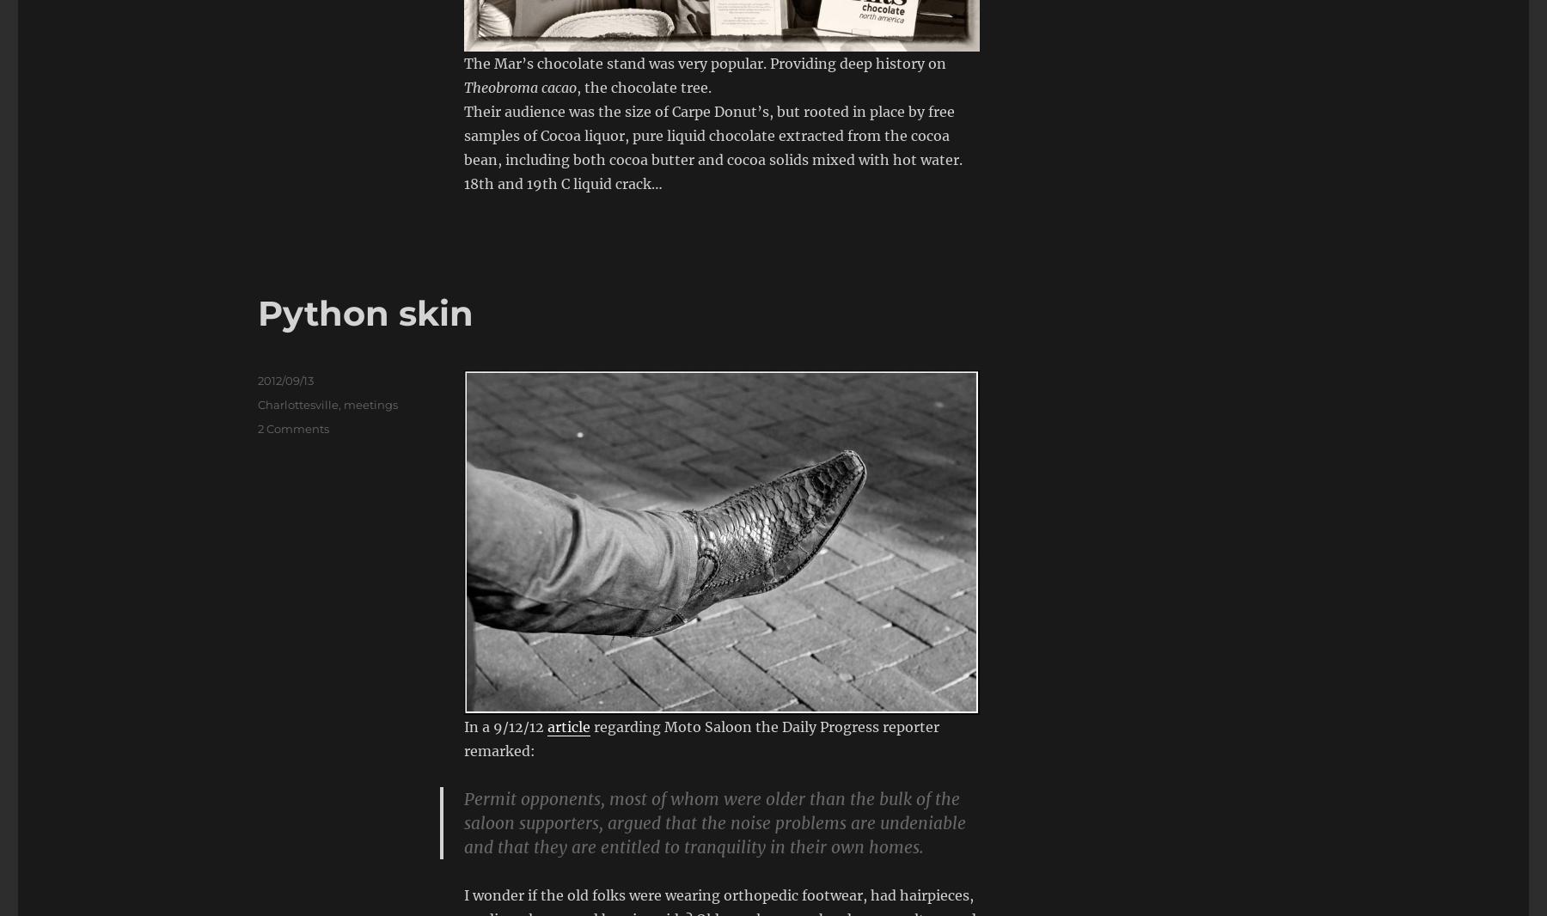  Describe the element at coordinates (520, 85) in the screenshot. I see `'Theobroma cacao'` at that location.